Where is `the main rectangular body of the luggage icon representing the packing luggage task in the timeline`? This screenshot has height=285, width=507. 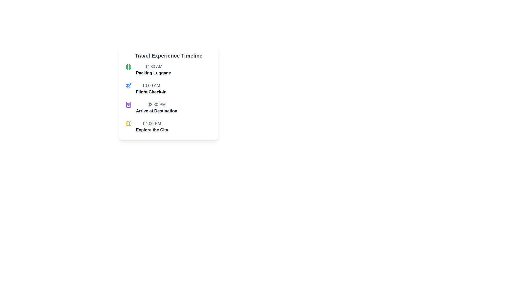 the main rectangular body of the luggage icon representing the packing luggage task in the timeline is located at coordinates (128, 67).